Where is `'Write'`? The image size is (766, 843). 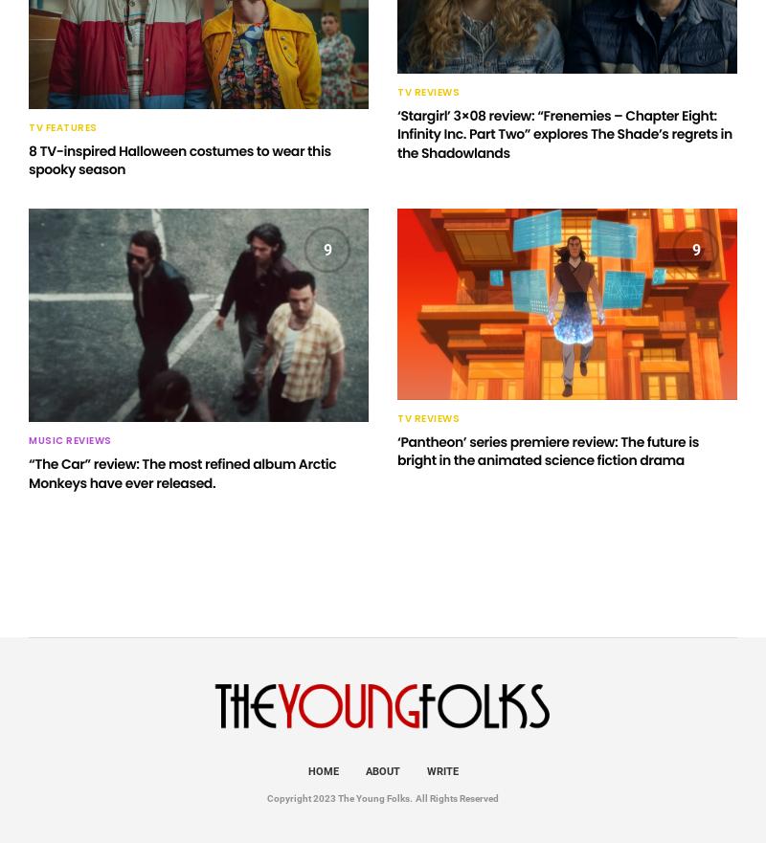 'Write' is located at coordinates (440, 770).